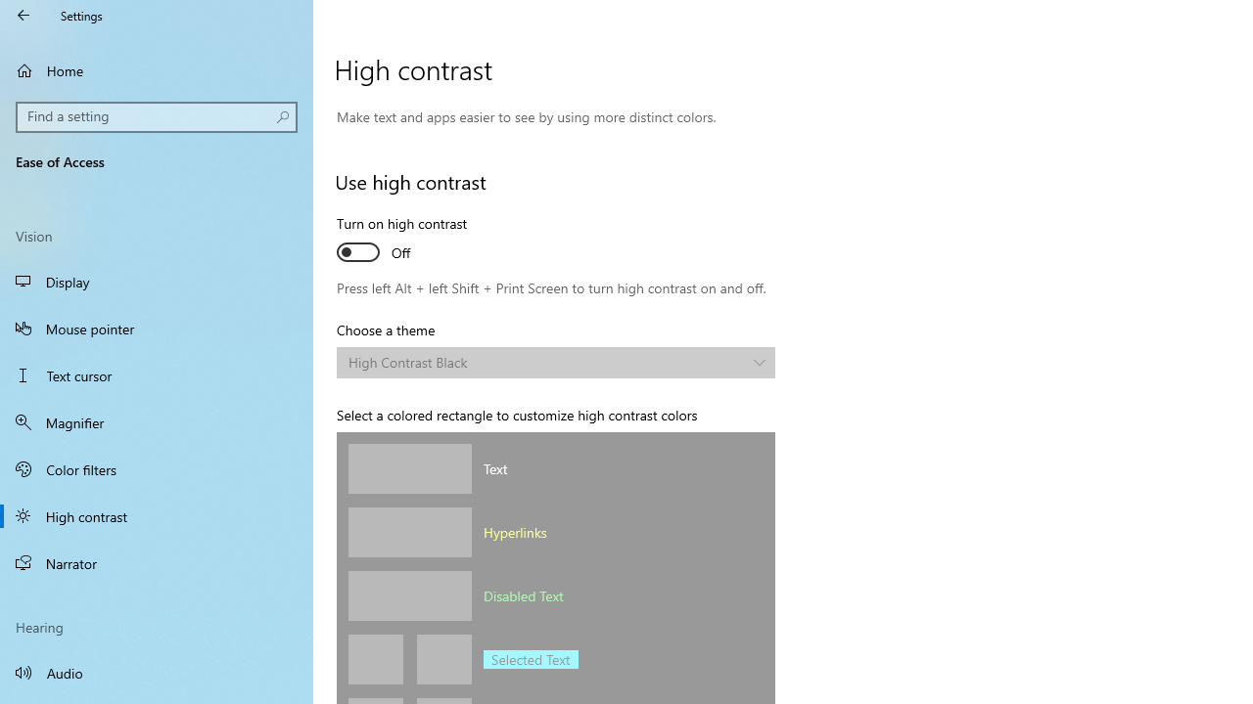 This screenshot has width=1253, height=704. What do you see at coordinates (23, 15) in the screenshot?
I see `'Back'` at bounding box center [23, 15].